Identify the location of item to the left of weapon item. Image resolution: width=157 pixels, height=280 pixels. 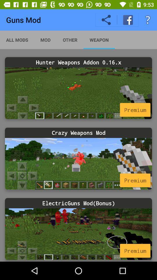
(70, 39).